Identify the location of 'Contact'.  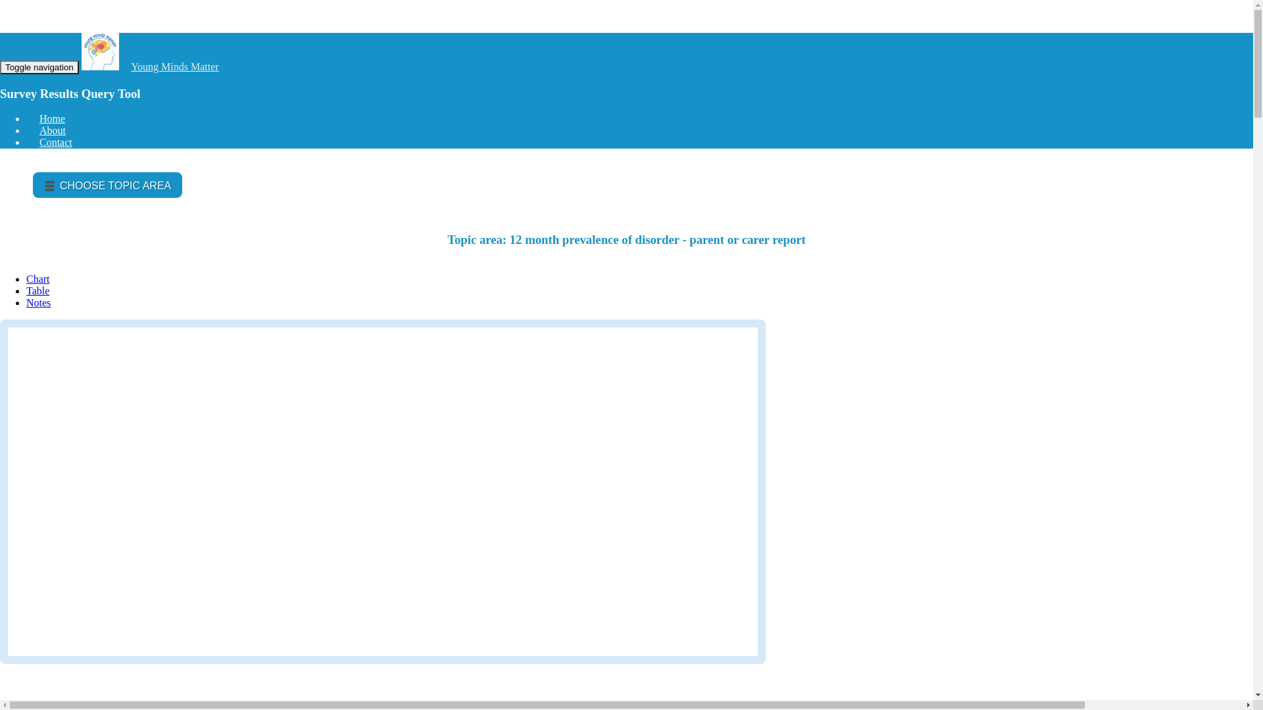
(55, 142).